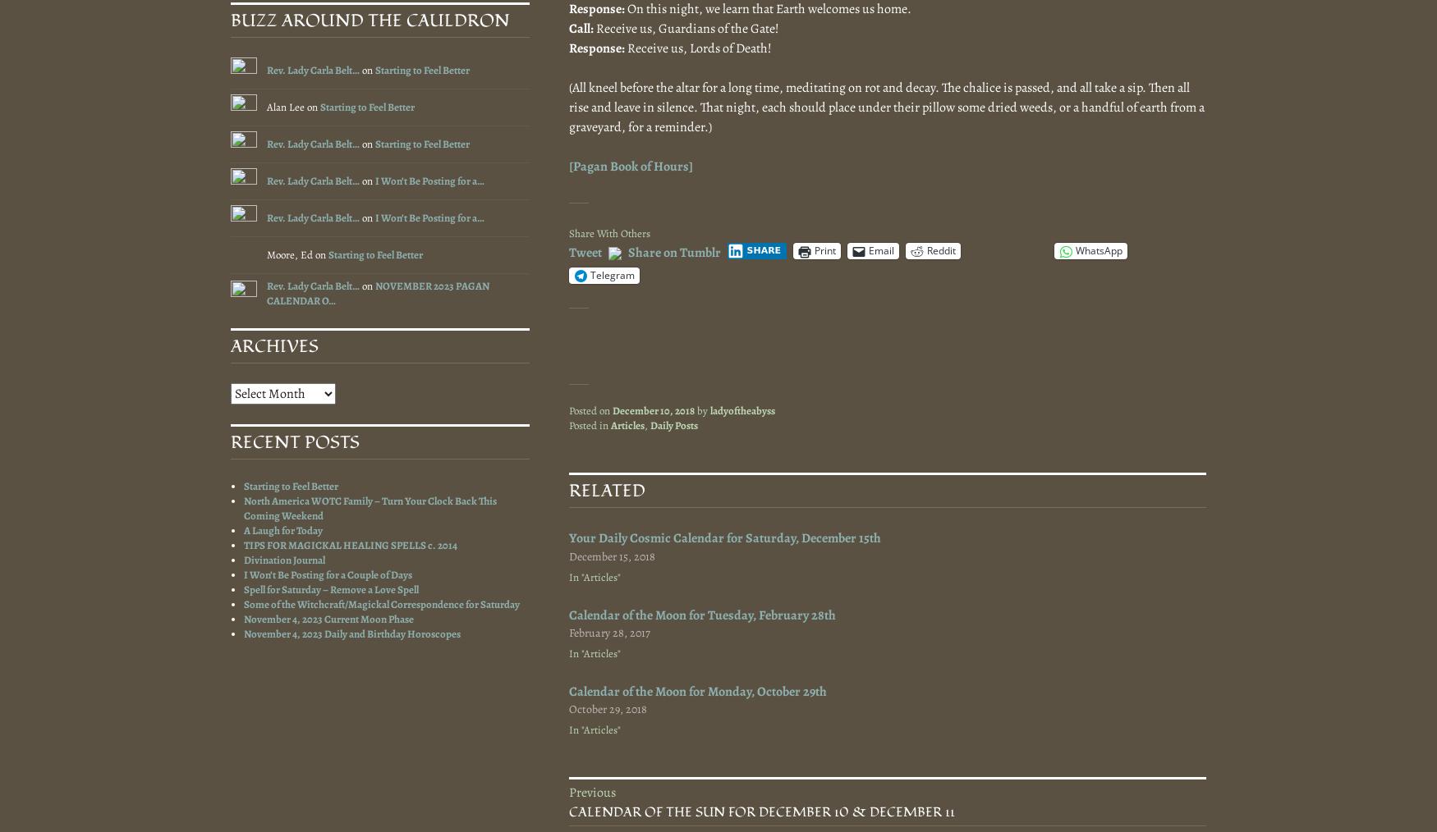 Image resolution: width=1437 pixels, height=832 pixels. What do you see at coordinates (741, 409) in the screenshot?
I see `'ladyoftheabyss'` at bounding box center [741, 409].